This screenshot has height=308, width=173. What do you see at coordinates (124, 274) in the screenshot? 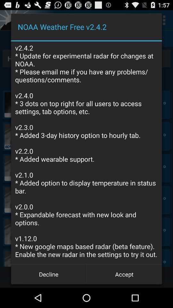
I see `the item below v2 4 2 app` at bounding box center [124, 274].